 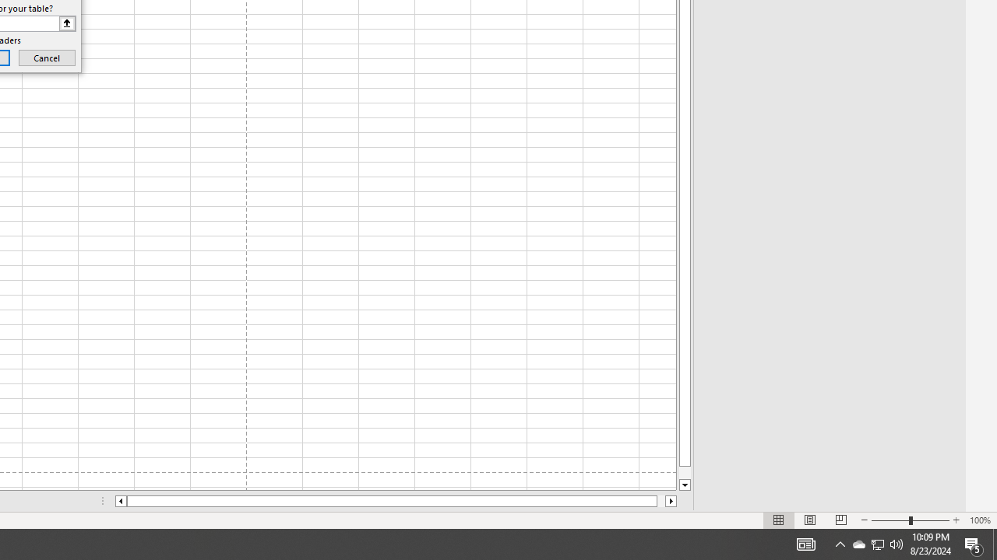 What do you see at coordinates (661, 501) in the screenshot?
I see `'Page right'` at bounding box center [661, 501].